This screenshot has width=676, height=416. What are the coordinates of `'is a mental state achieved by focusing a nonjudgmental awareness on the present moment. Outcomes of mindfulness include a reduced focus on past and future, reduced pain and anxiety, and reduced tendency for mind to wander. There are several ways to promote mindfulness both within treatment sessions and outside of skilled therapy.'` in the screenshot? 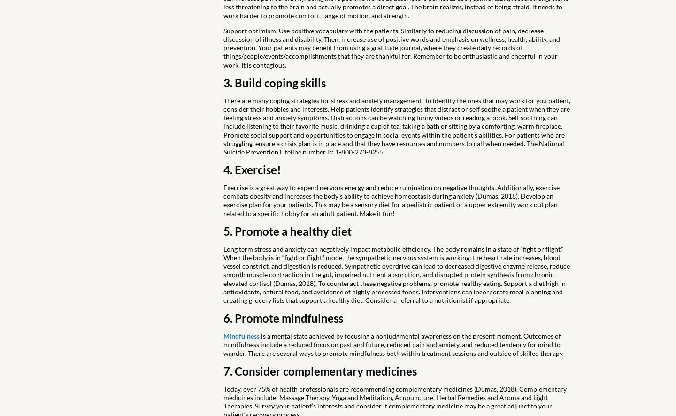 It's located at (393, 344).